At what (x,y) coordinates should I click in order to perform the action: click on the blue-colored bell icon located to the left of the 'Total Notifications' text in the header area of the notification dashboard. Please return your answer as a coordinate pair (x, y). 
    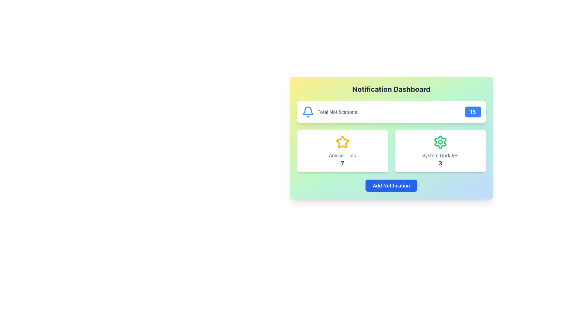
    Looking at the image, I should click on (308, 112).